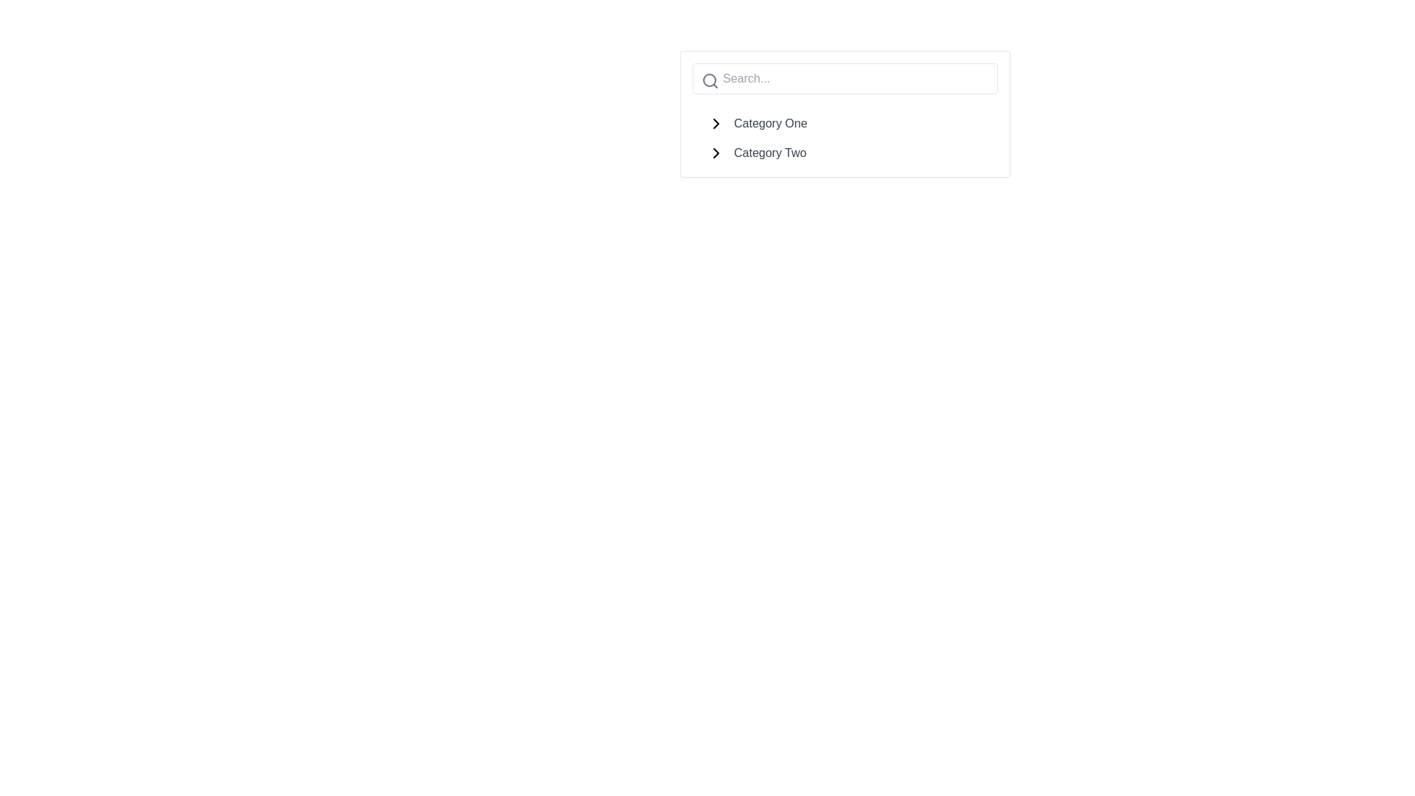 The height and width of the screenshot is (796, 1415). What do you see at coordinates (716, 123) in the screenshot?
I see `the rightward-pointing chevron icon with a thin black stroke, located to the left of the 'Category One' text` at bounding box center [716, 123].